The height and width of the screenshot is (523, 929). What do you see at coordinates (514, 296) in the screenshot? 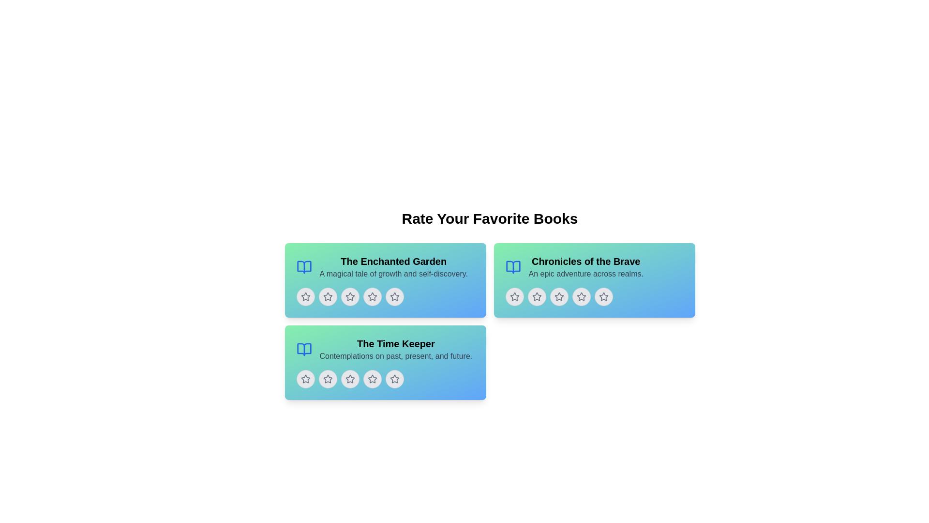
I see `the second star icon in the rating system under the 'Chronicles of the Brave' section` at bounding box center [514, 296].